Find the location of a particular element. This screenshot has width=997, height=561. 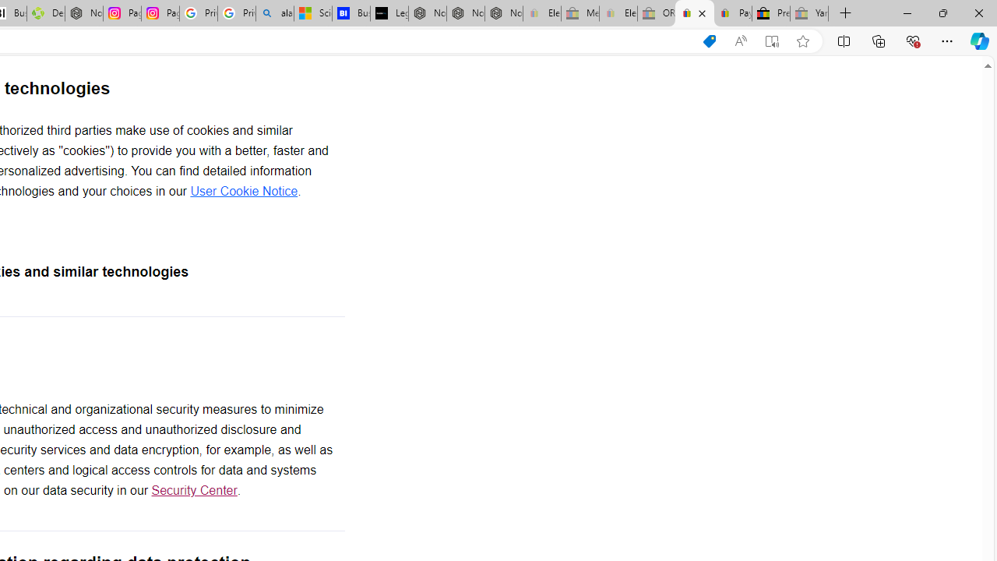

'Payments Terms of Use | eBay.com' is located at coordinates (731, 13).